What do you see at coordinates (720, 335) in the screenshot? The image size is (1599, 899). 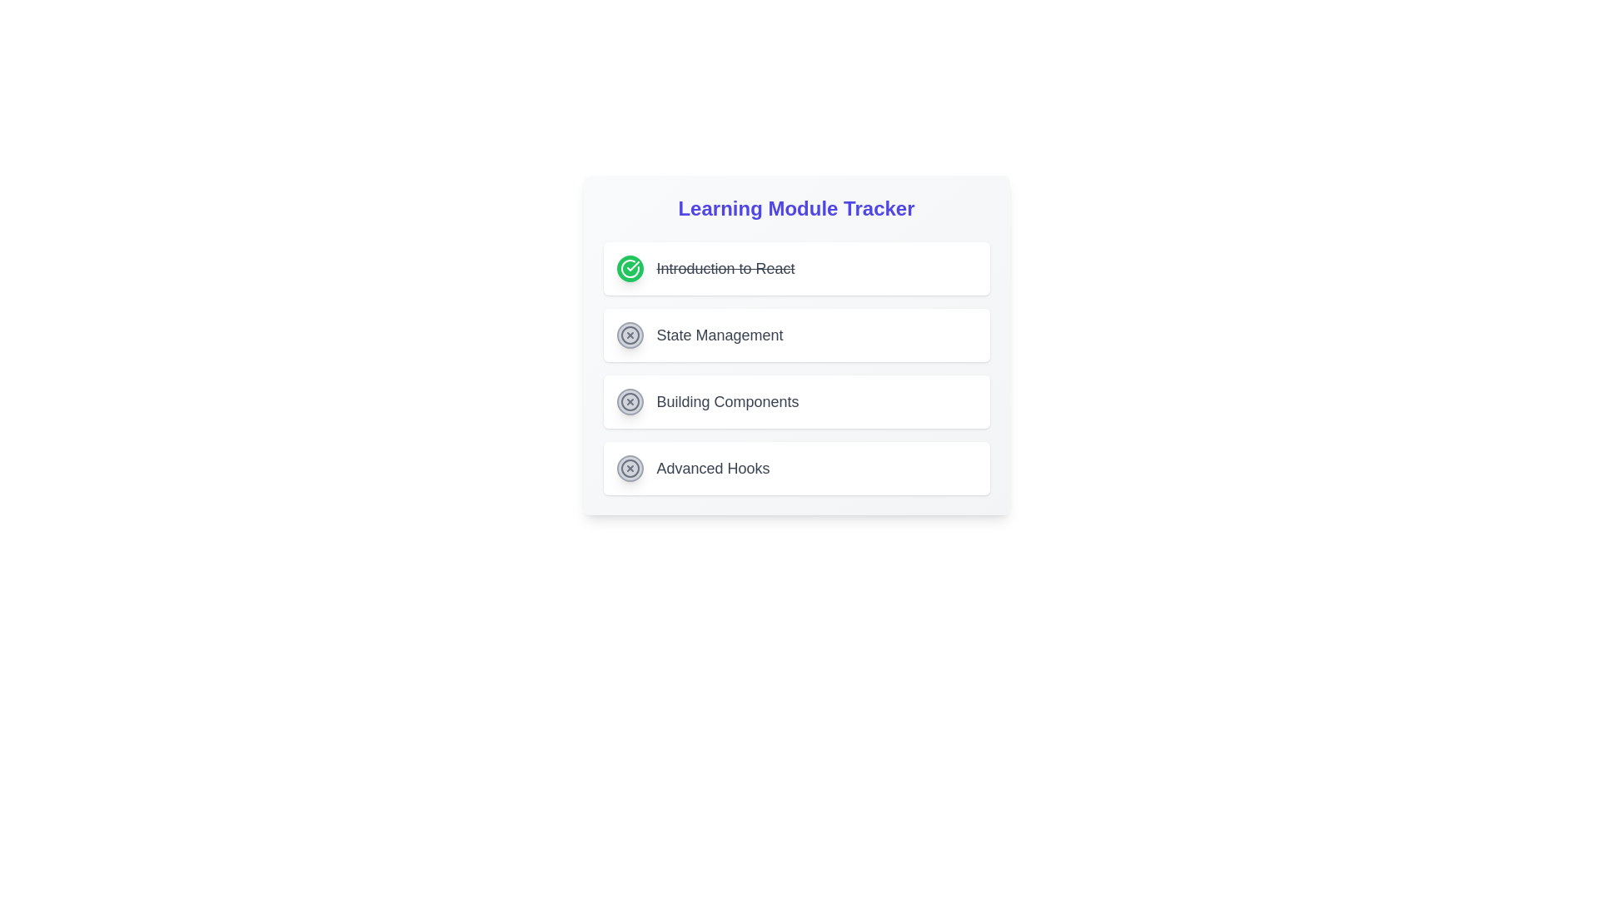 I see `the static text label displaying 'State Management', which is centrally aligned and part of the 'Learning Module Tracker' section, positioned between 'Introduction to React' and 'Building Components'` at bounding box center [720, 335].